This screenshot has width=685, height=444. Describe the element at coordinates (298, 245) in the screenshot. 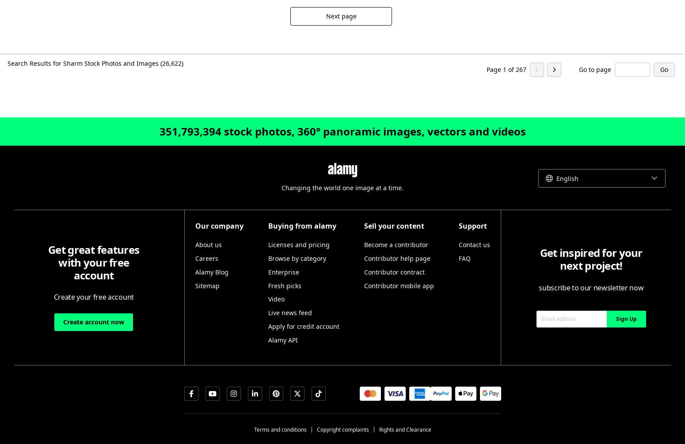

I see `'Licenses and pricing'` at that location.